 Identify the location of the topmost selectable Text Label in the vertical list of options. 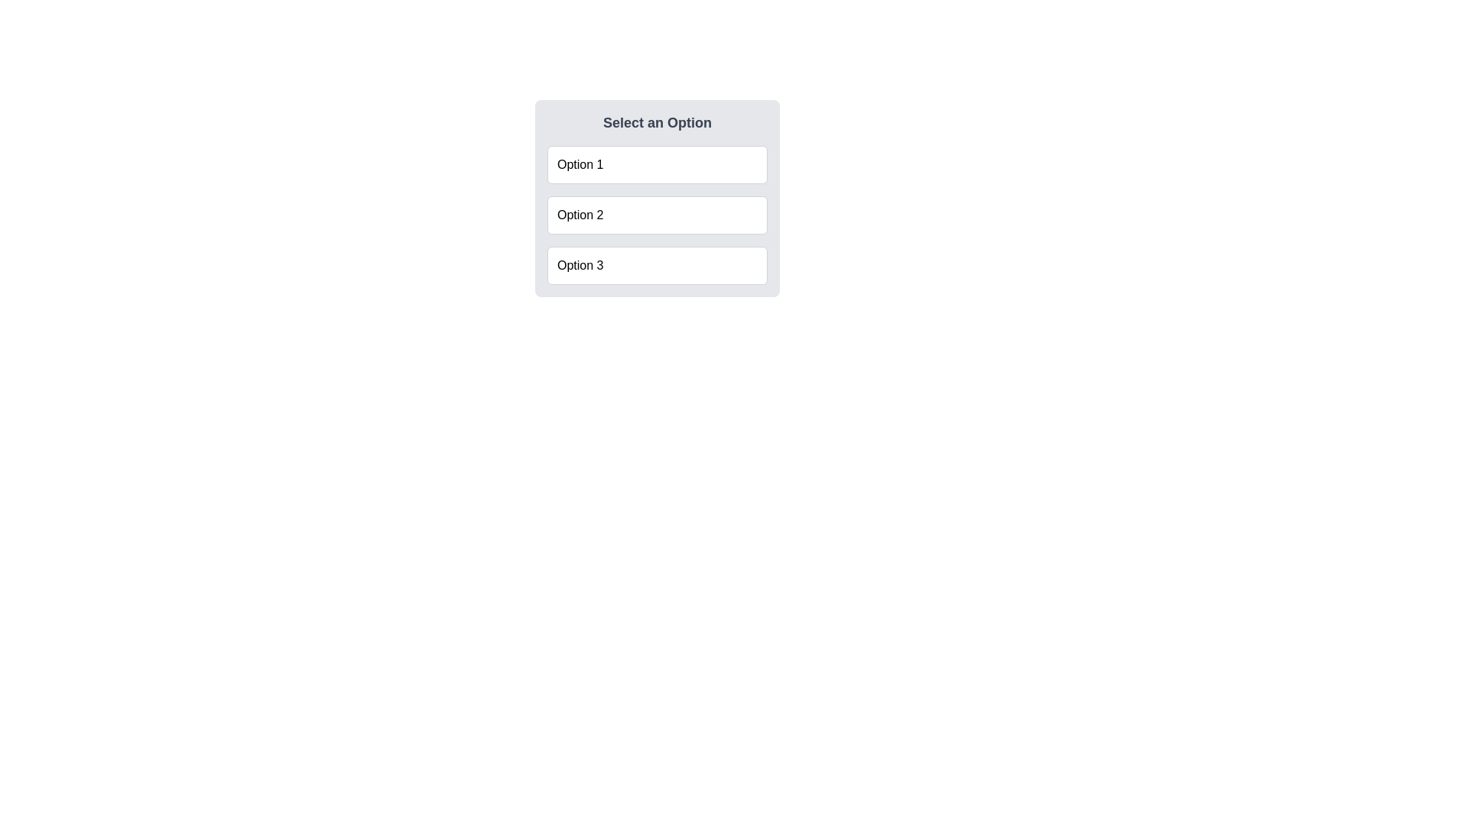
(580, 165).